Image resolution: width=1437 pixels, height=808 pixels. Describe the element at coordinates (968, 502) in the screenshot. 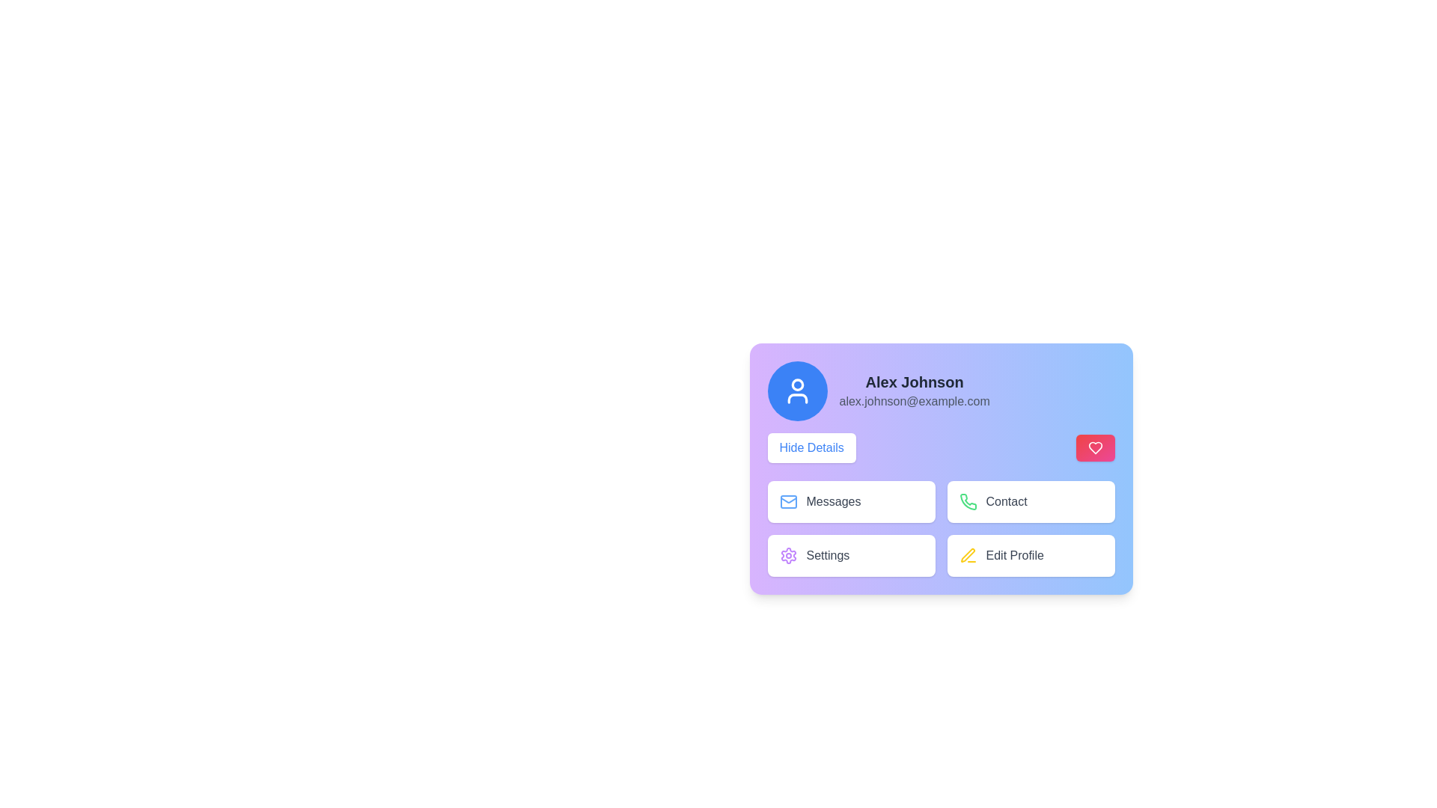

I see `the phone or call icon located in the top-right corner of the 'Contact' button within the card's second row` at that location.